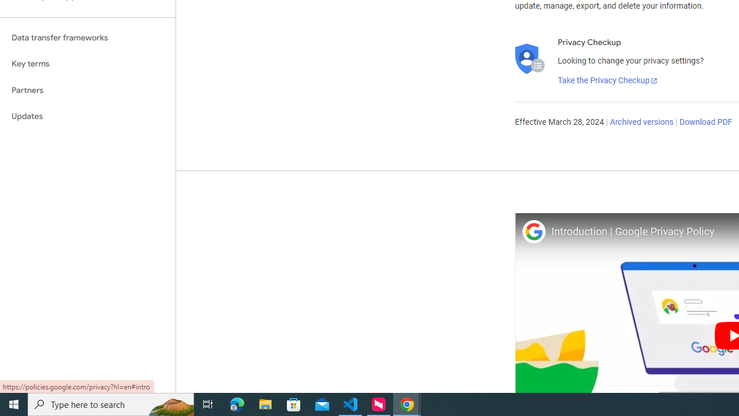 This screenshot has width=739, height=416. Describe the element at coordinates (705, 122) in the screenshot. I see `'Download PDF'` at that location.